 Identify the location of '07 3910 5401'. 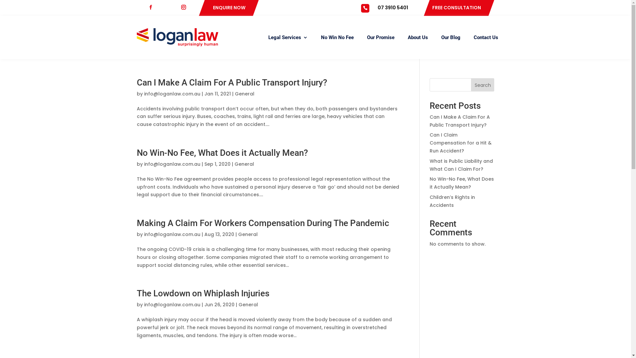
(393, 8).